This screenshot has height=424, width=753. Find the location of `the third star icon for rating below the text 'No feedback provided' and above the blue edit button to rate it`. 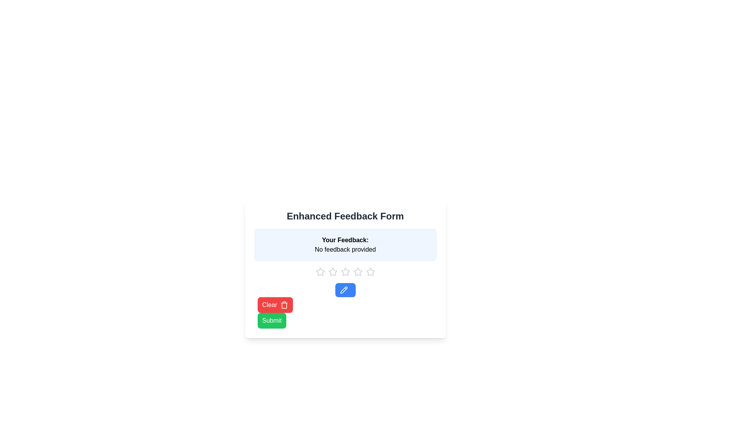

the third star icon for rating below the text 'No feedback provided' and above the blue edit button to rate it is located at coordinates (357, 271).